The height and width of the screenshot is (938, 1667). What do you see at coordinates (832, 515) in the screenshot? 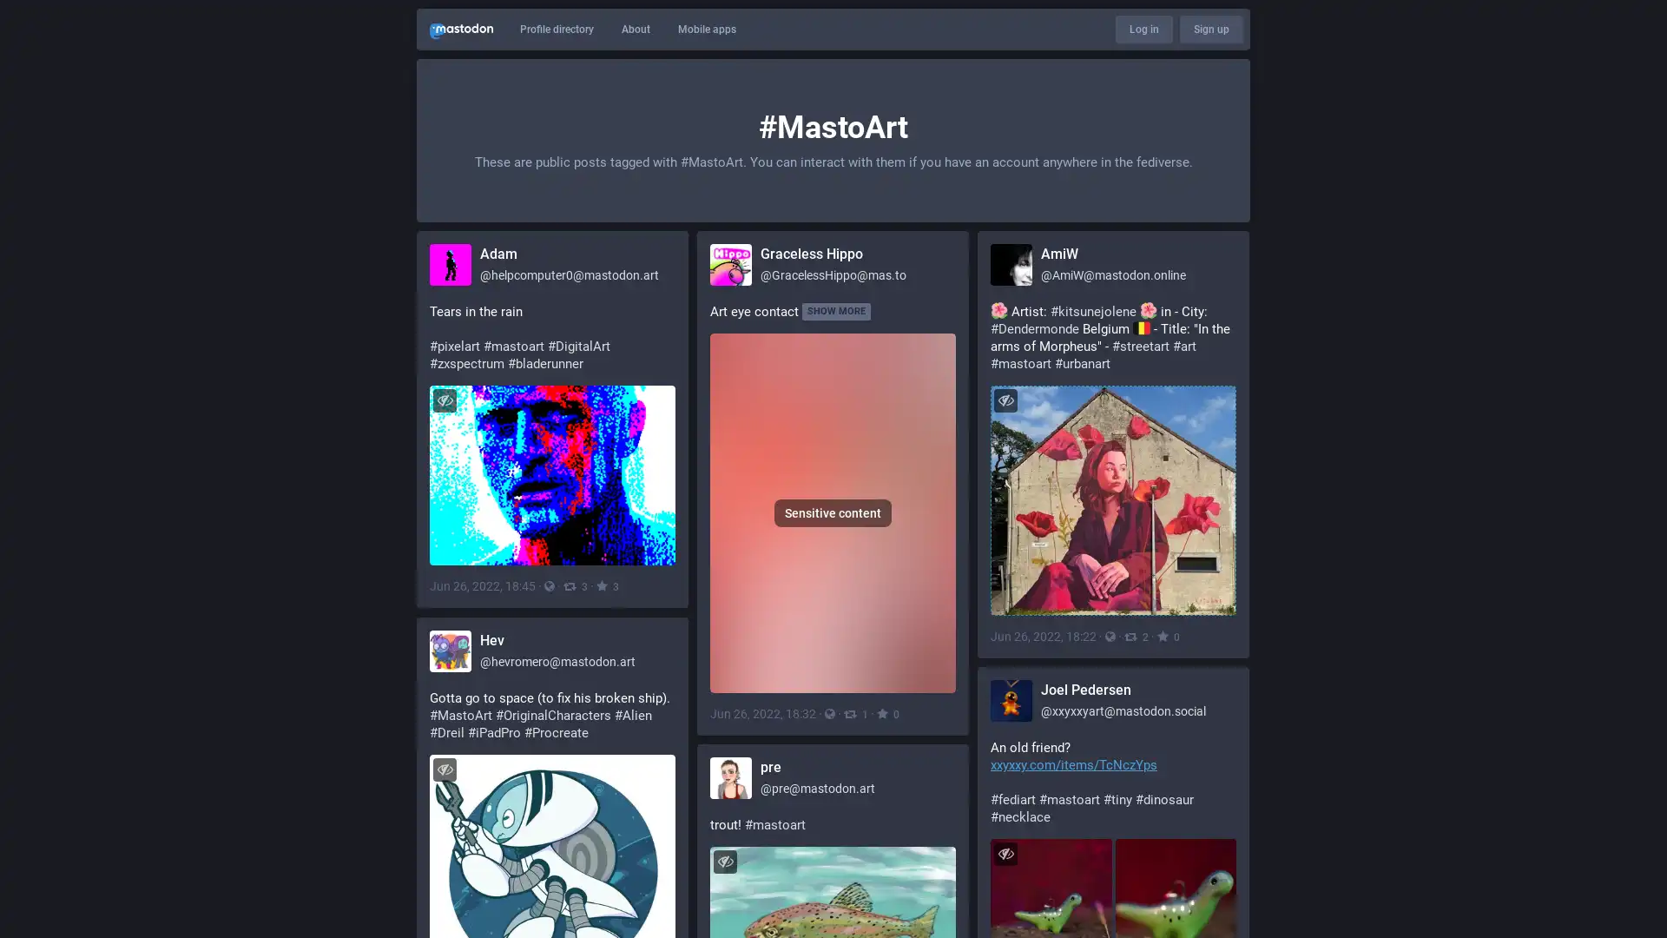
I see `Sensitive content` at bounding box center [832, 515].